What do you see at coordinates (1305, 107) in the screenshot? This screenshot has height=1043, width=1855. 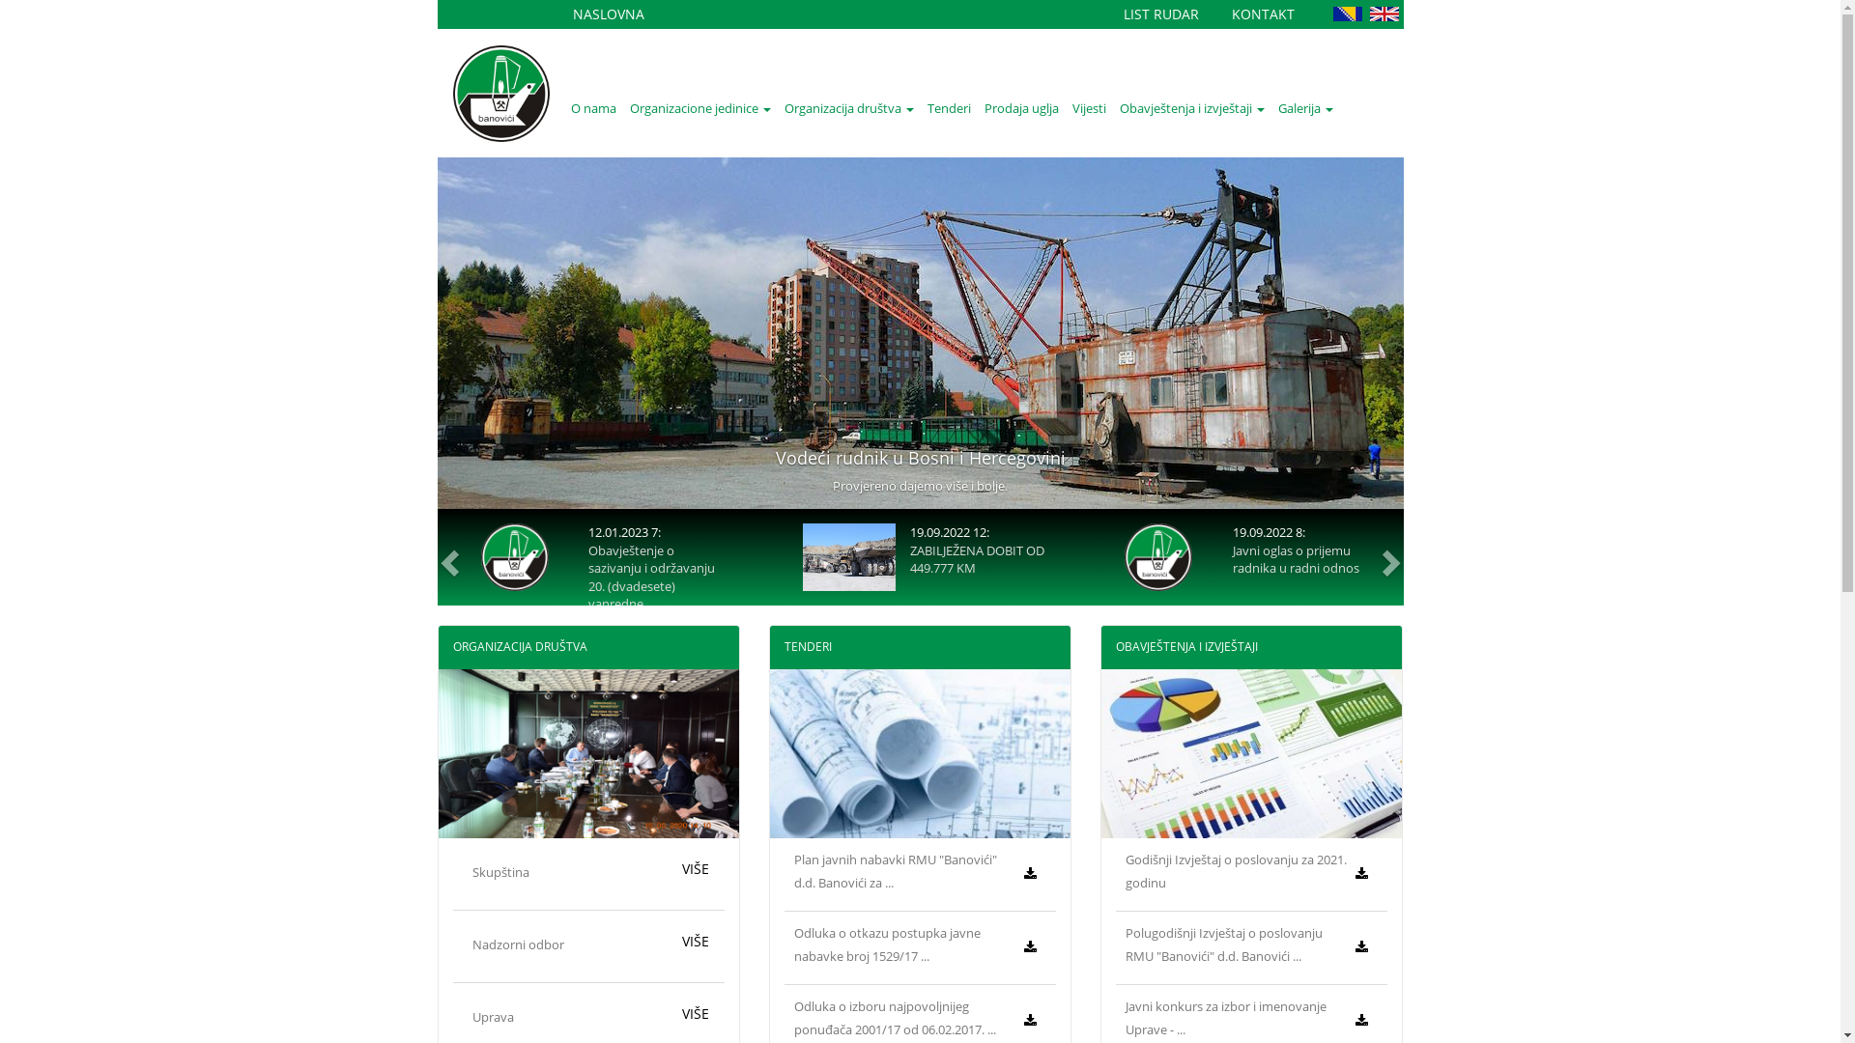 I see `'Galerija'` at bounding box center [1305, 107].